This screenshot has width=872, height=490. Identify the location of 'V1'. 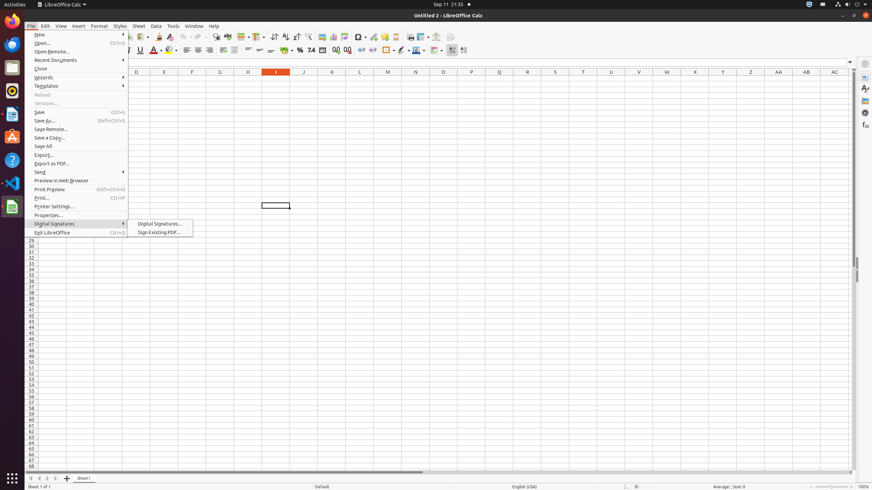
(639, 78).